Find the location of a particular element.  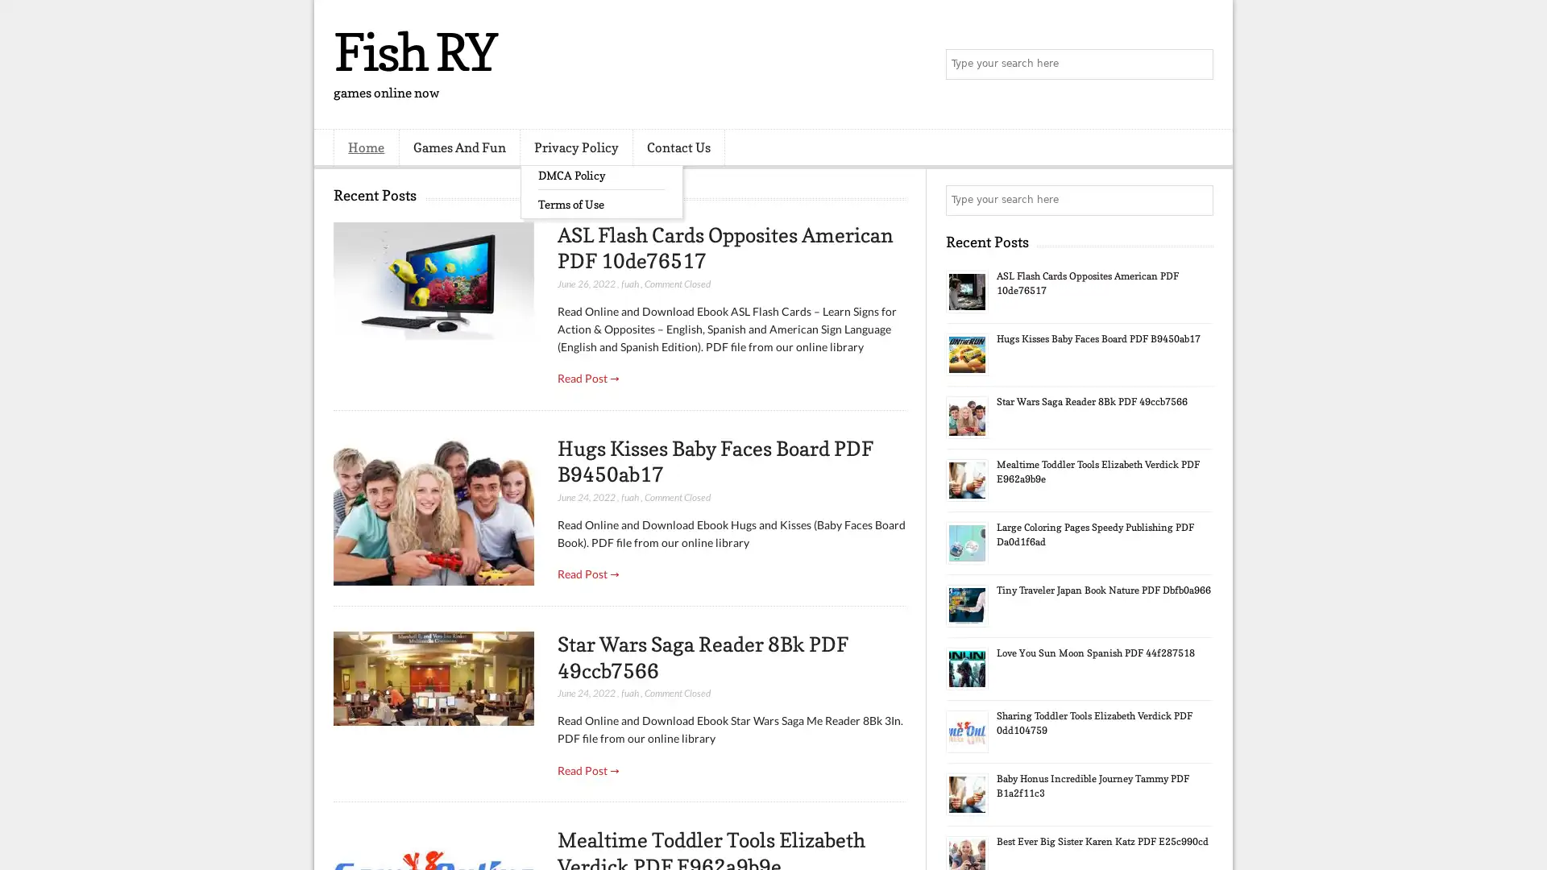

Search is located at coordinates (1197, 200).